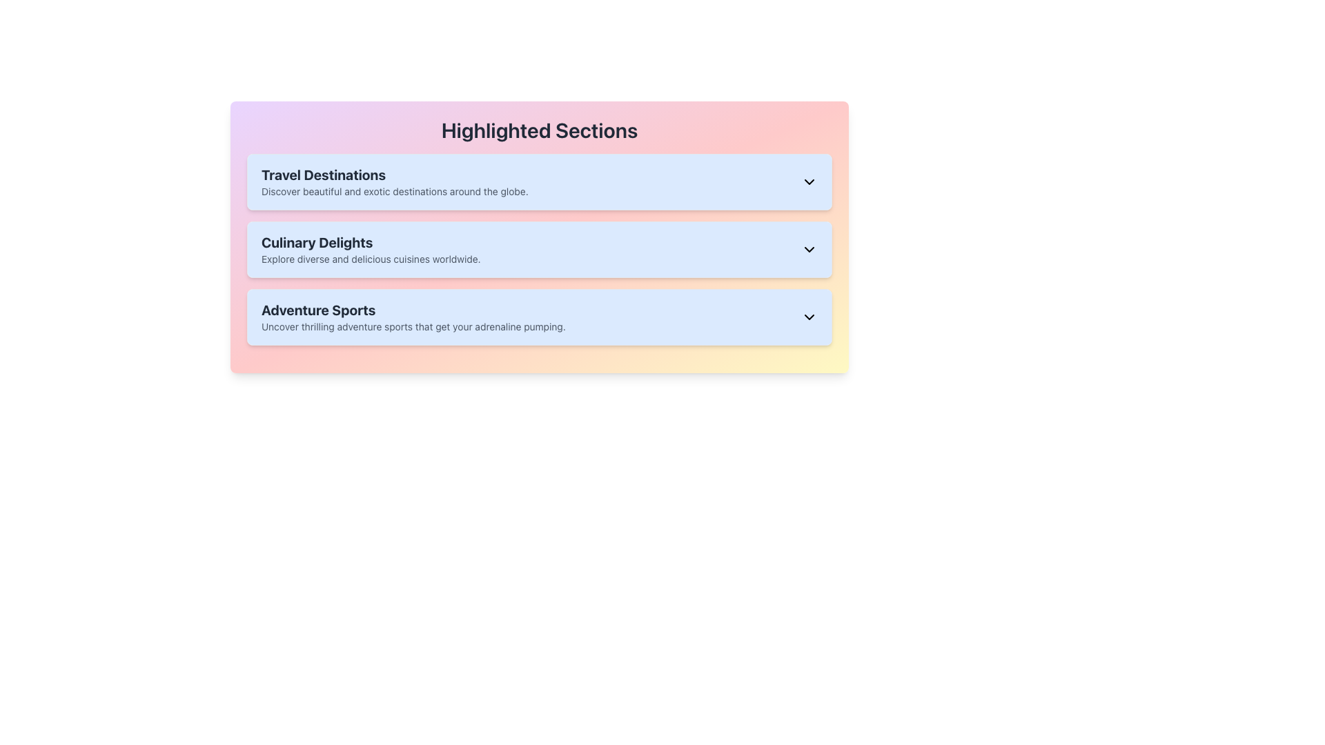 The width and height of the screenshot is (1325, 745). Describe the element at coordinates (539, 250) in the screenshot. I see `the second section under 'Highlighted Sections'` at that location.